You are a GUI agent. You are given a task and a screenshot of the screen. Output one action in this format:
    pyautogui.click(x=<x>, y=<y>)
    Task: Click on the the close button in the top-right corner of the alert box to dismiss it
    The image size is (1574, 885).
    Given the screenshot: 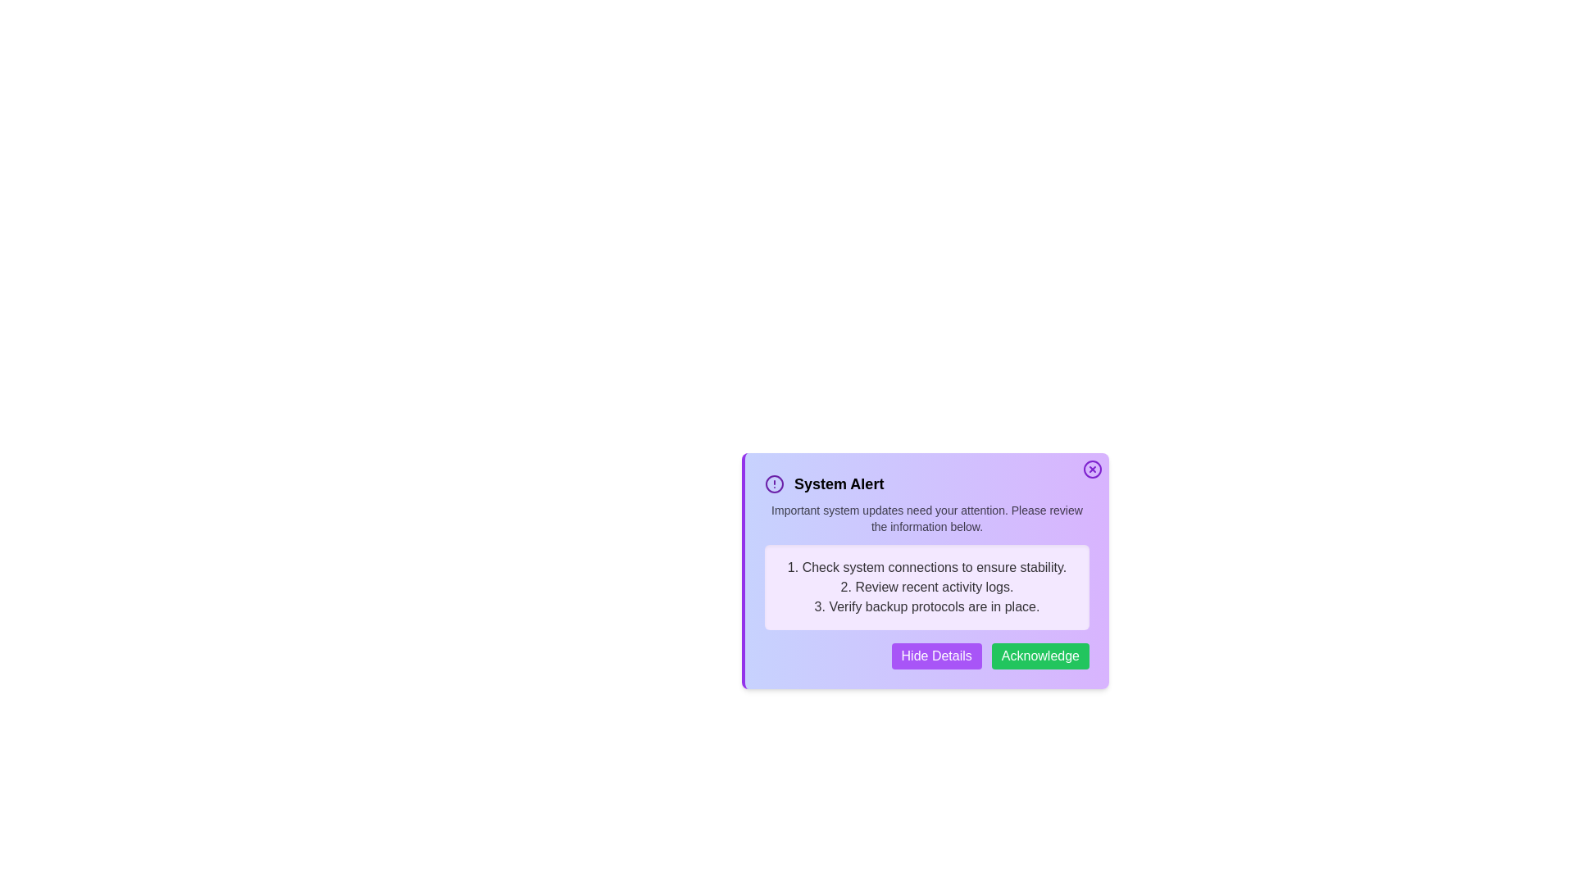 What is the action you would take?
    pyautogui.click(x=1093, y=470)
    